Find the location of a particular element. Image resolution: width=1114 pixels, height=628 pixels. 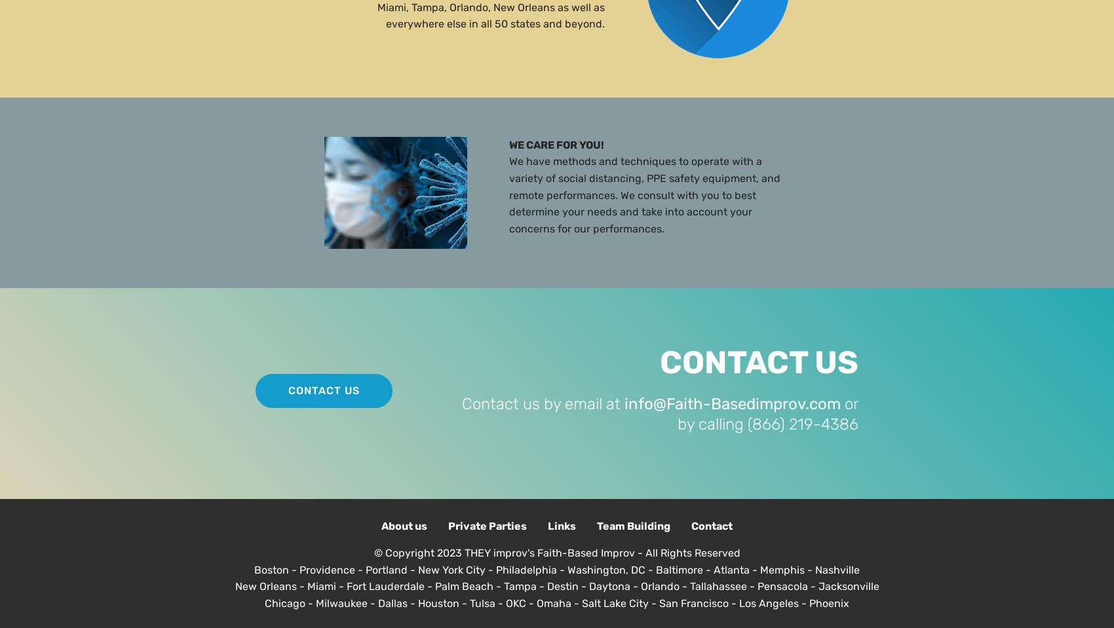

'About us' is located at coordinates (403, 525).